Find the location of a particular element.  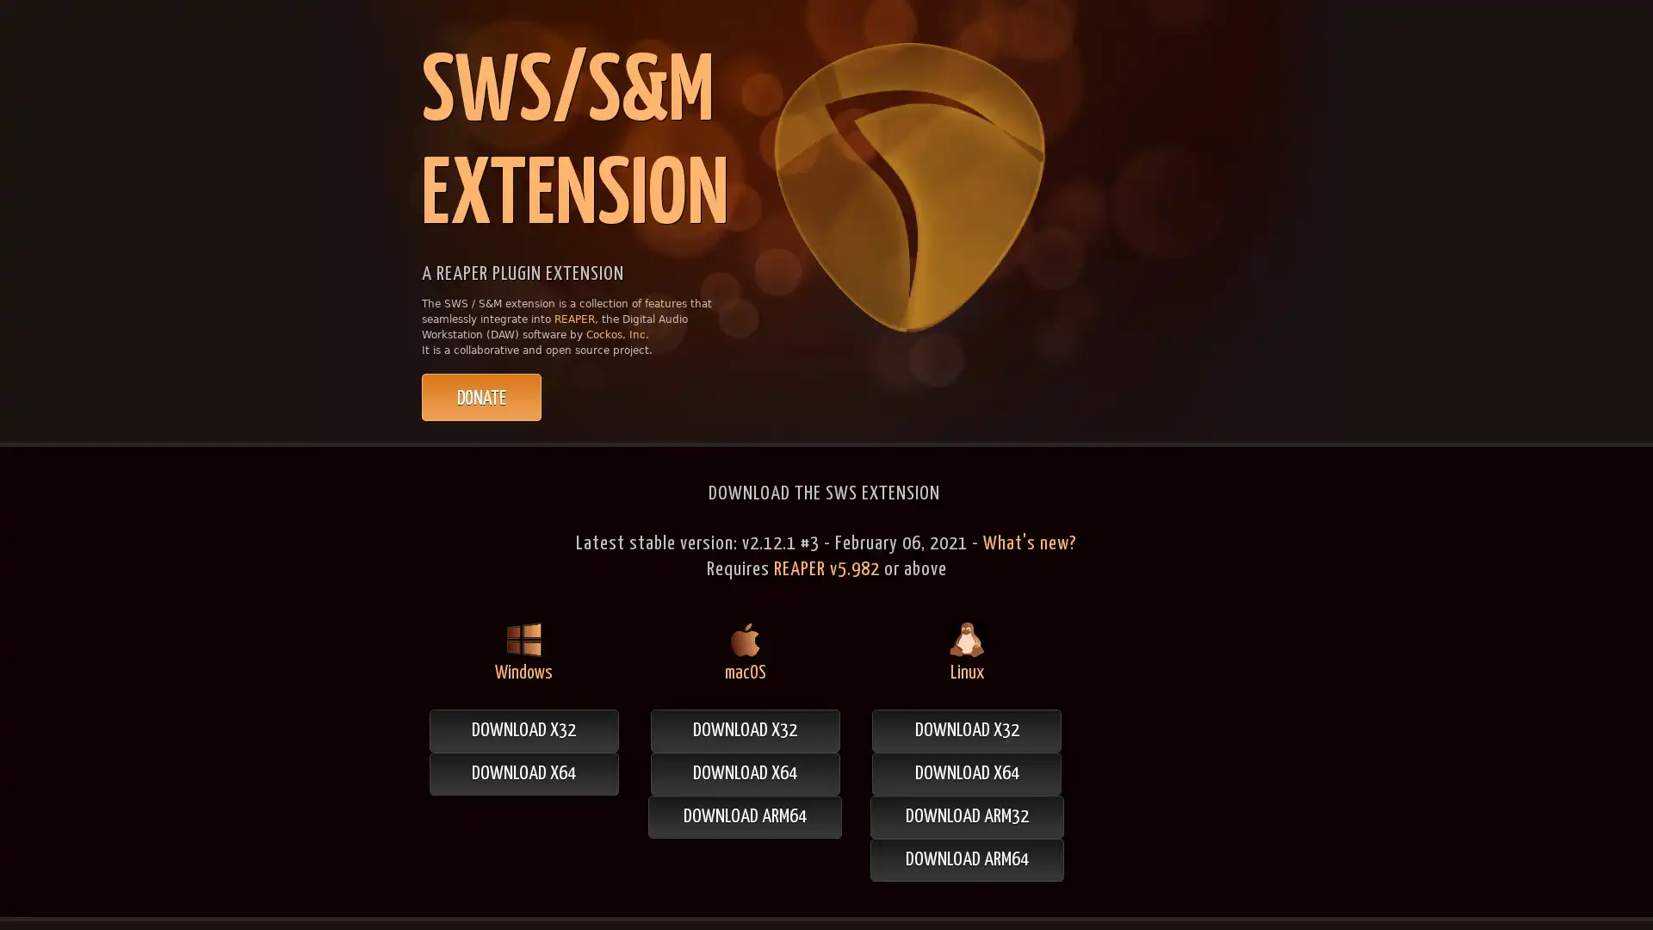

DOWNLOAD X64 is located at coordinates (1102, 772).